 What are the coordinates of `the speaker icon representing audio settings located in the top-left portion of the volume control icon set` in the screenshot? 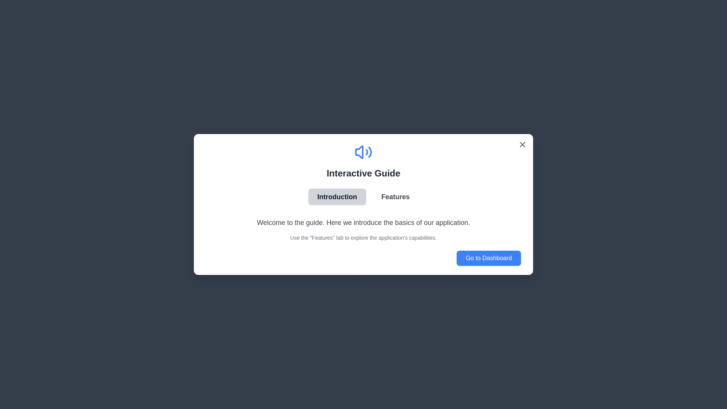 It's located at (359, 152).